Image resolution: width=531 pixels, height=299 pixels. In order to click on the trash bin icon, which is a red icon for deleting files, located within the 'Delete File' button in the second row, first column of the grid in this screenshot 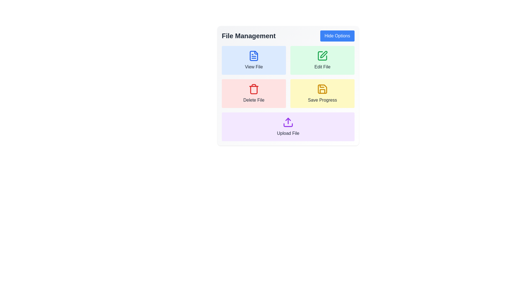, I will do `click(253, 89)`.